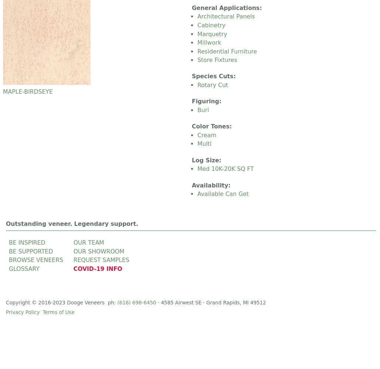  What do you see at coordinates (207, 160) in the screenshot?
I see `'Log Size:'` at bounding box center [207, 160].